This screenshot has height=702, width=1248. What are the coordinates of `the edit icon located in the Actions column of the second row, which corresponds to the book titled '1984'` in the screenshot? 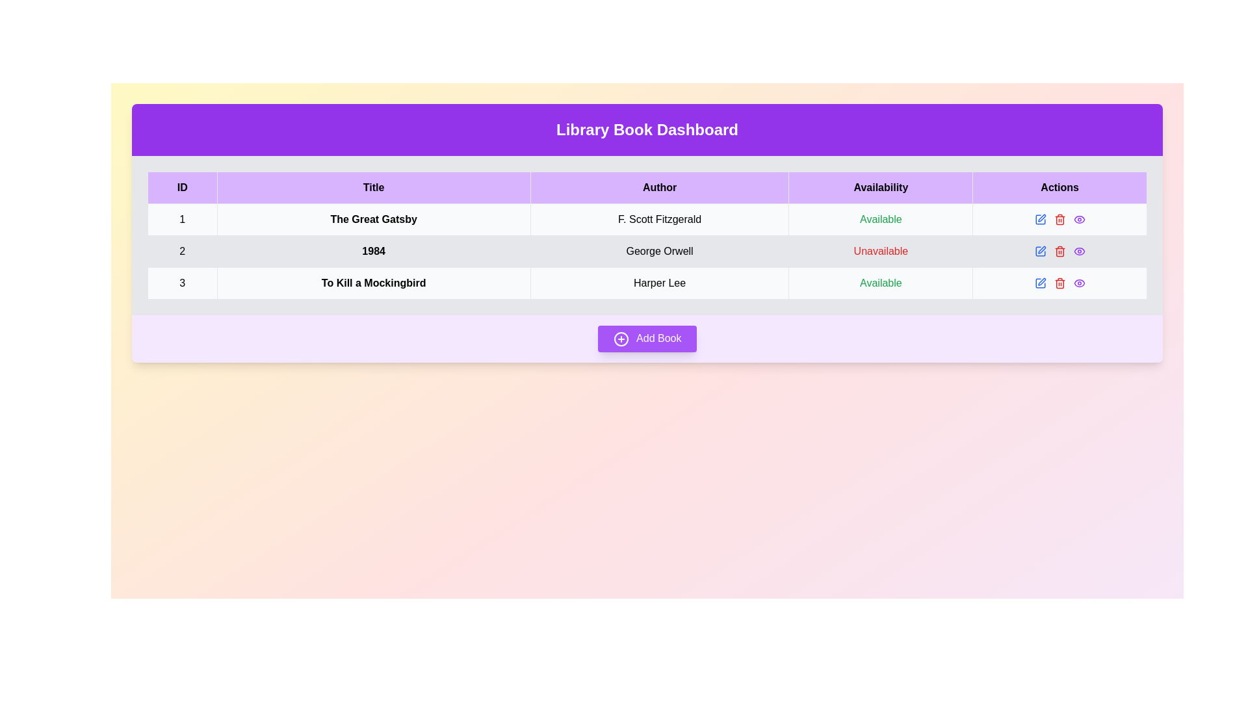 It's located at (1042, 250).